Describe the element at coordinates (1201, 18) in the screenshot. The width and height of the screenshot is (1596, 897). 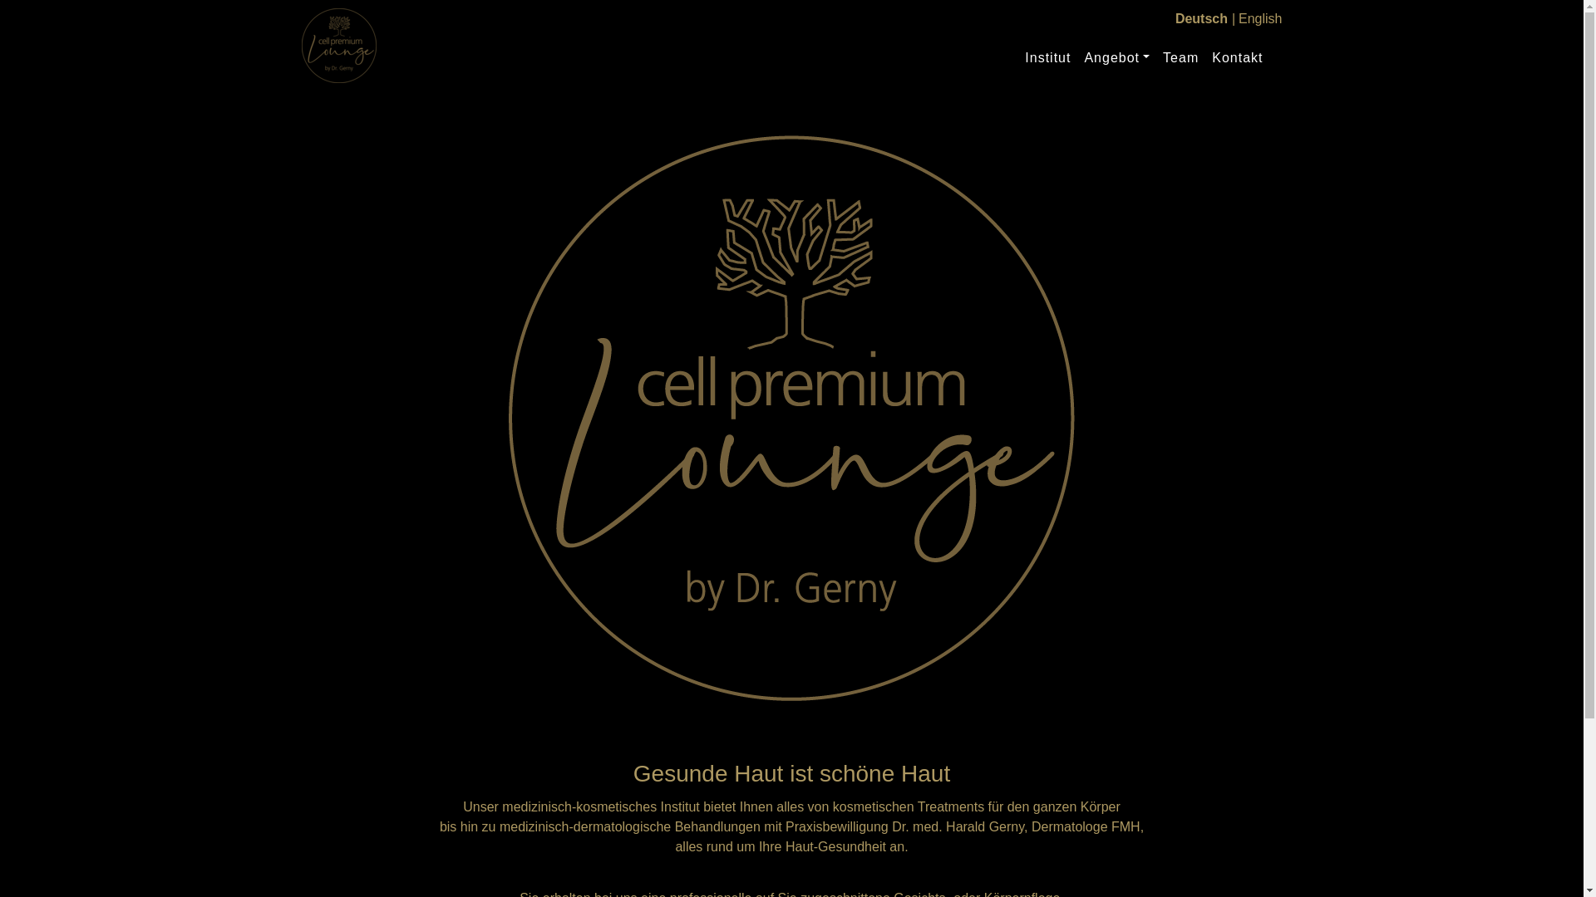
I see `'Deutsch'` at that location.